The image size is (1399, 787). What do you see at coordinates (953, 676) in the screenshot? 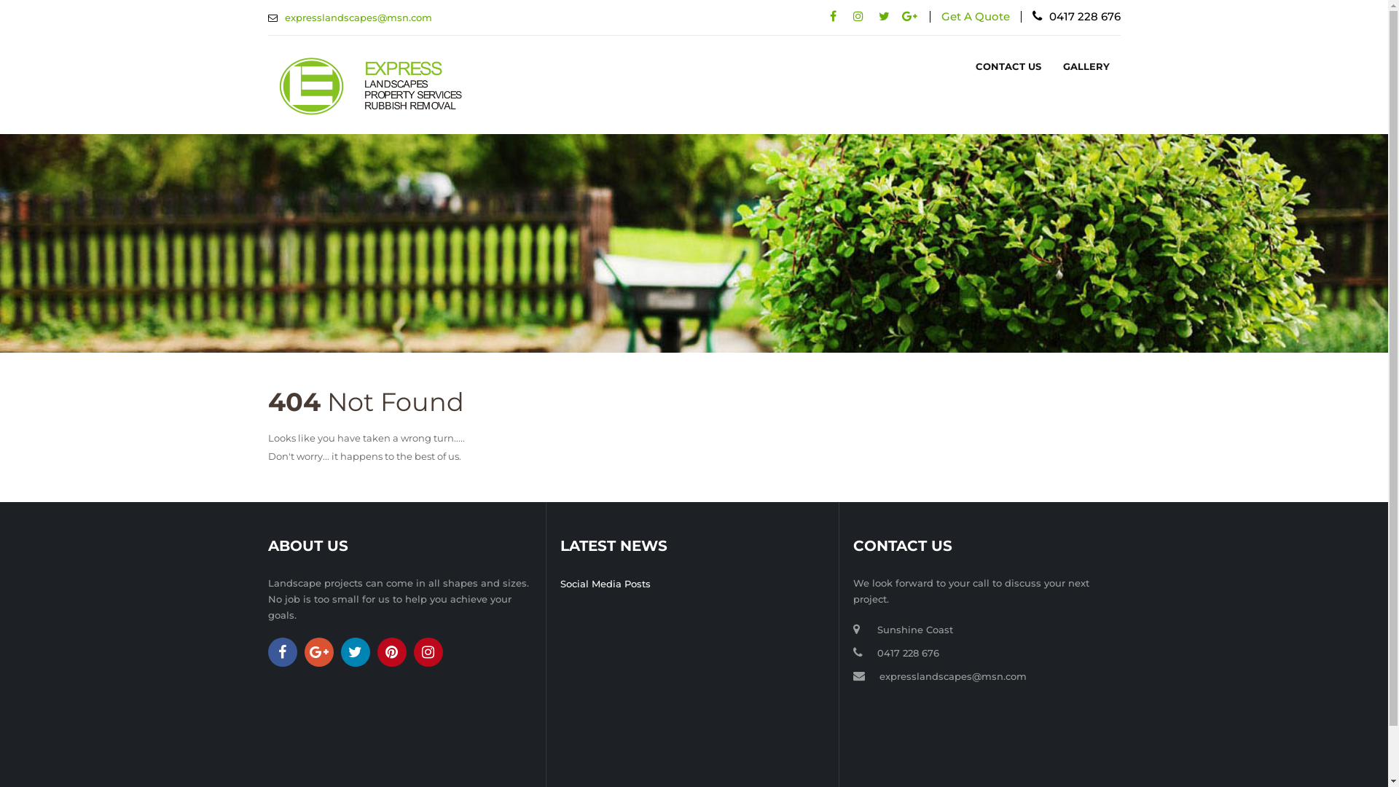
I see `'expresslandscapes@msn.com'` at bounding box center [953, 676].